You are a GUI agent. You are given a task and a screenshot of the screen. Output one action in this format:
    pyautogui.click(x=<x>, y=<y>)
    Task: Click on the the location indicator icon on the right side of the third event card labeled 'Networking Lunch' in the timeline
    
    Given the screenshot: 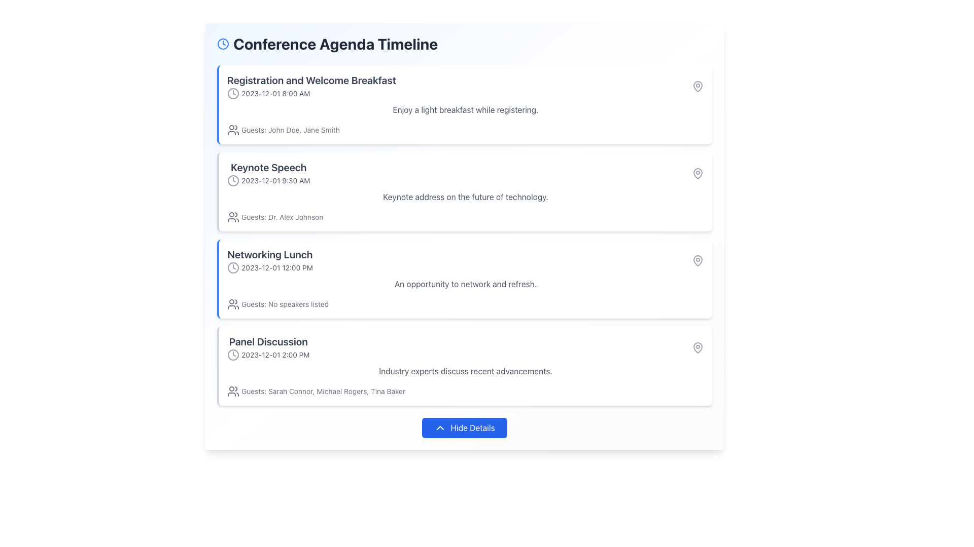 What is the action you would take?
    pyautogui.click(x=698, y=259)
    